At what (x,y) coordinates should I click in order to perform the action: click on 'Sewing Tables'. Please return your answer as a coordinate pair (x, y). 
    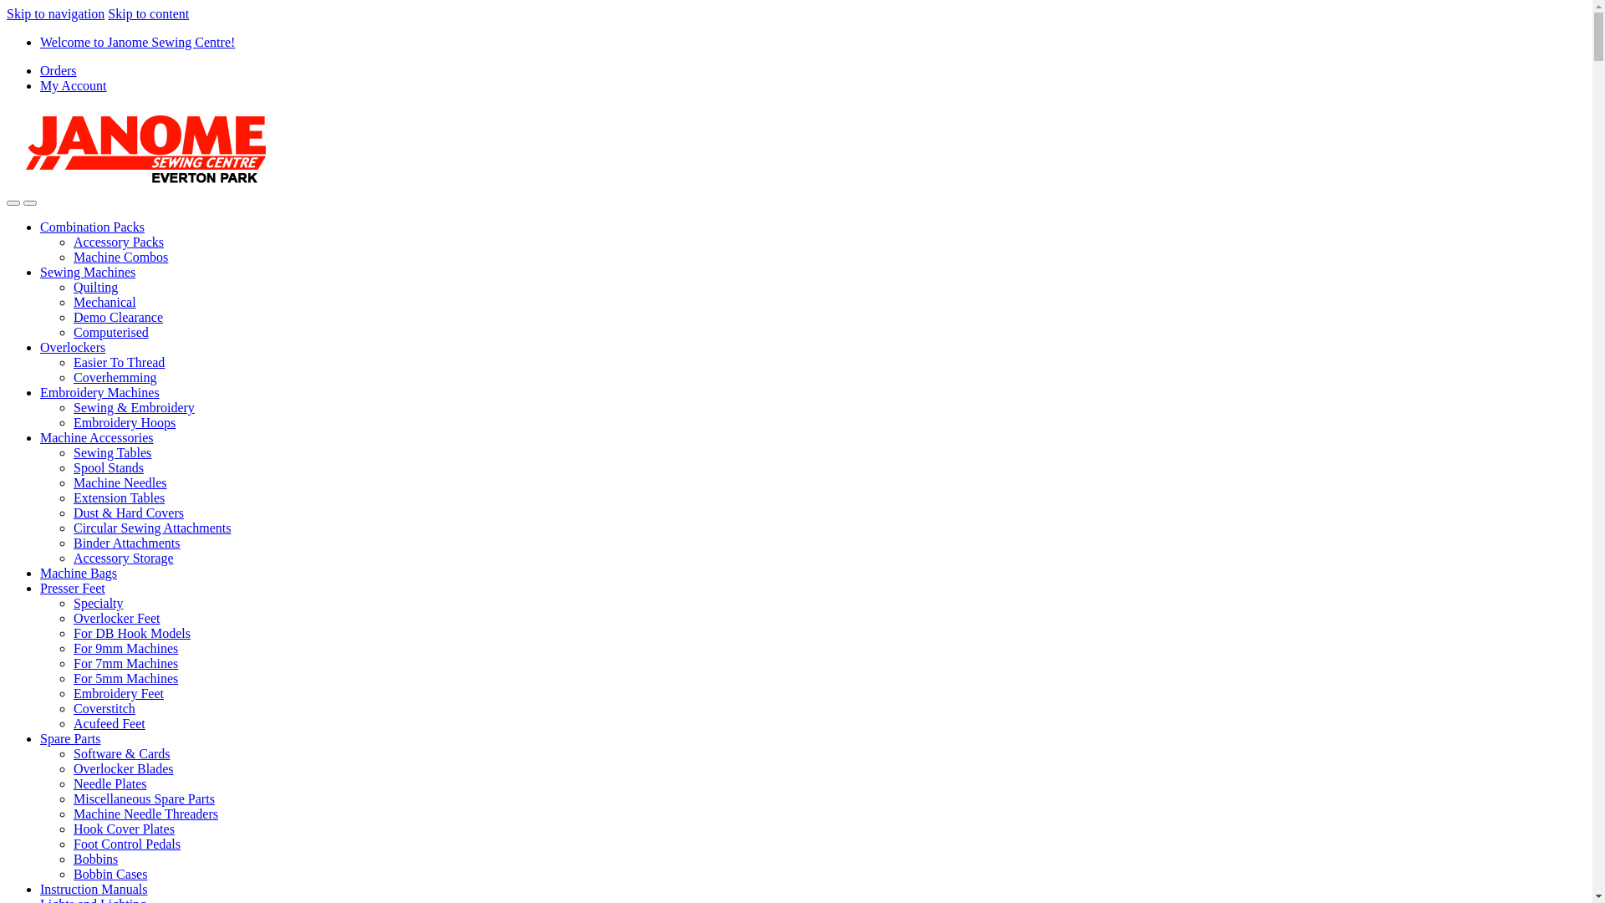
    Looking at the image, I should click on (111, 452).